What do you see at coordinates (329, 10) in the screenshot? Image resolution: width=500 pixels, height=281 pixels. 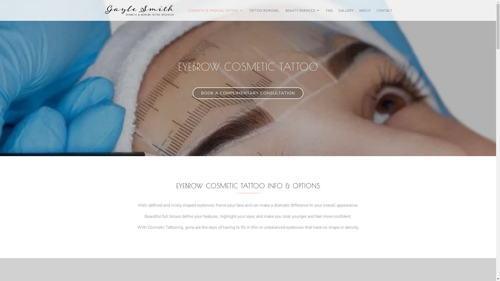 I see `'FAQ'` at bounding box center [329, 10].